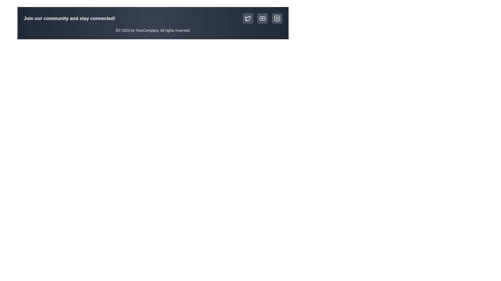  What do you see at coordinates (263, 18) in the screenshot?
I see `the Hyperlink button for YouTube` at bounding box center [263, 18].